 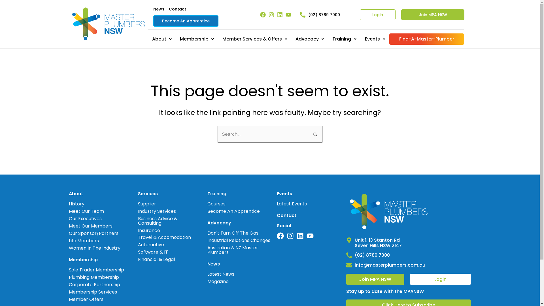 I want to click on 'Facebook', so click(x=262, y=14).